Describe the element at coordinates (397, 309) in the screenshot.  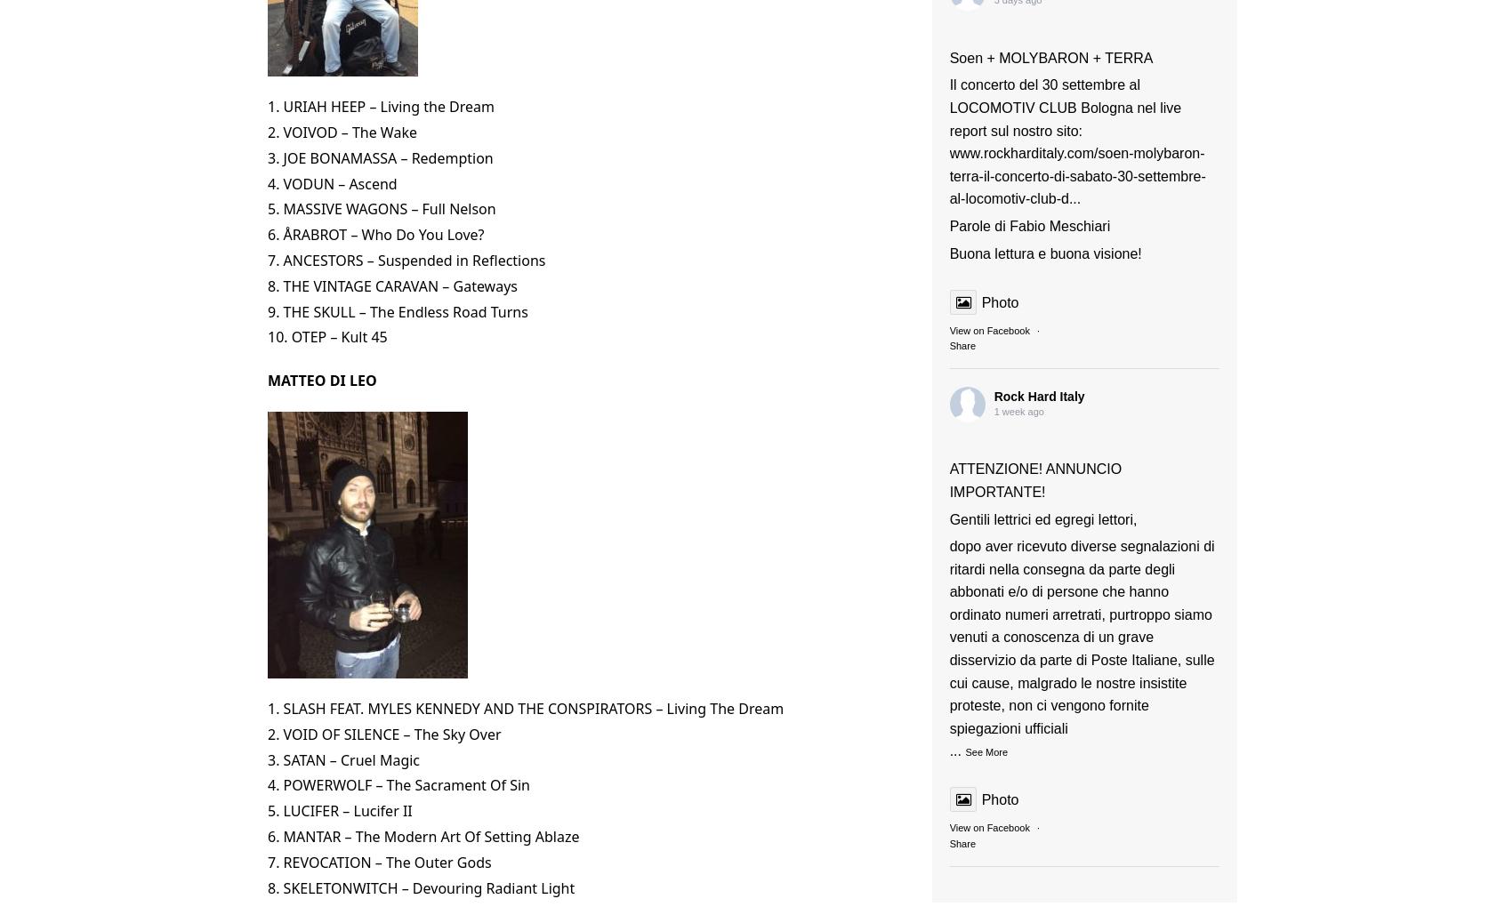
I see `'9. THE SKULL – The Endless Road Turns'` at that location.